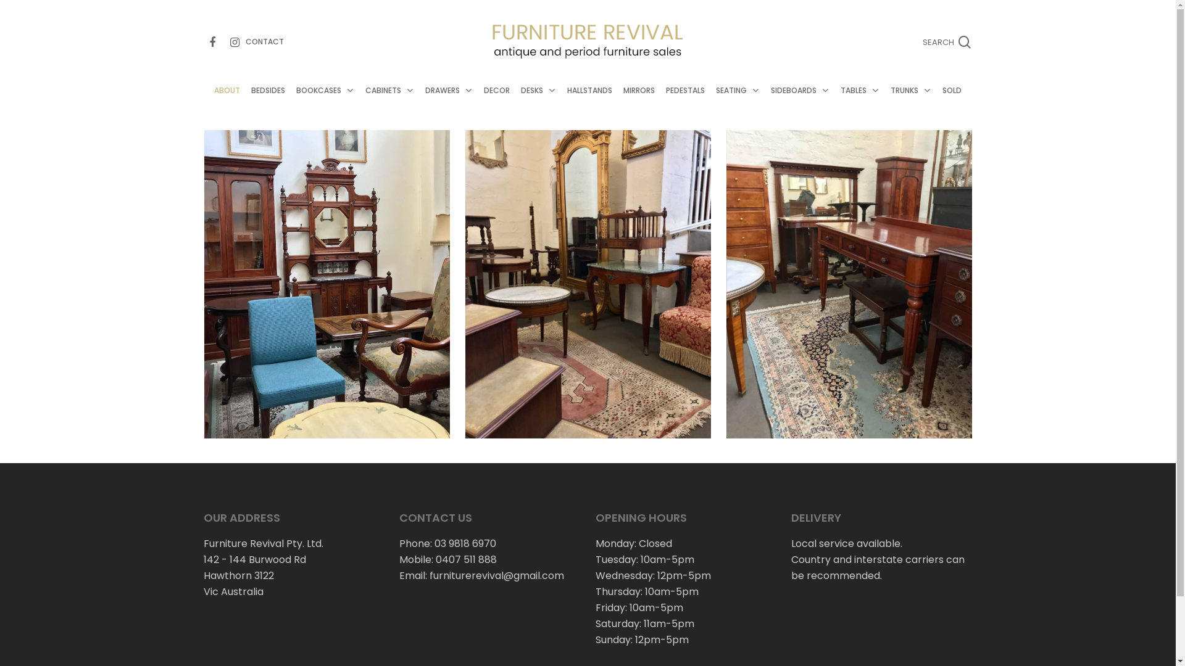 Image resolution: width=1185 pixels, height=666 pixels. What do you see at coordinates (465, 559) in the screenshot?
I see `'0407 511 888'` at bounding box center [465, 559].